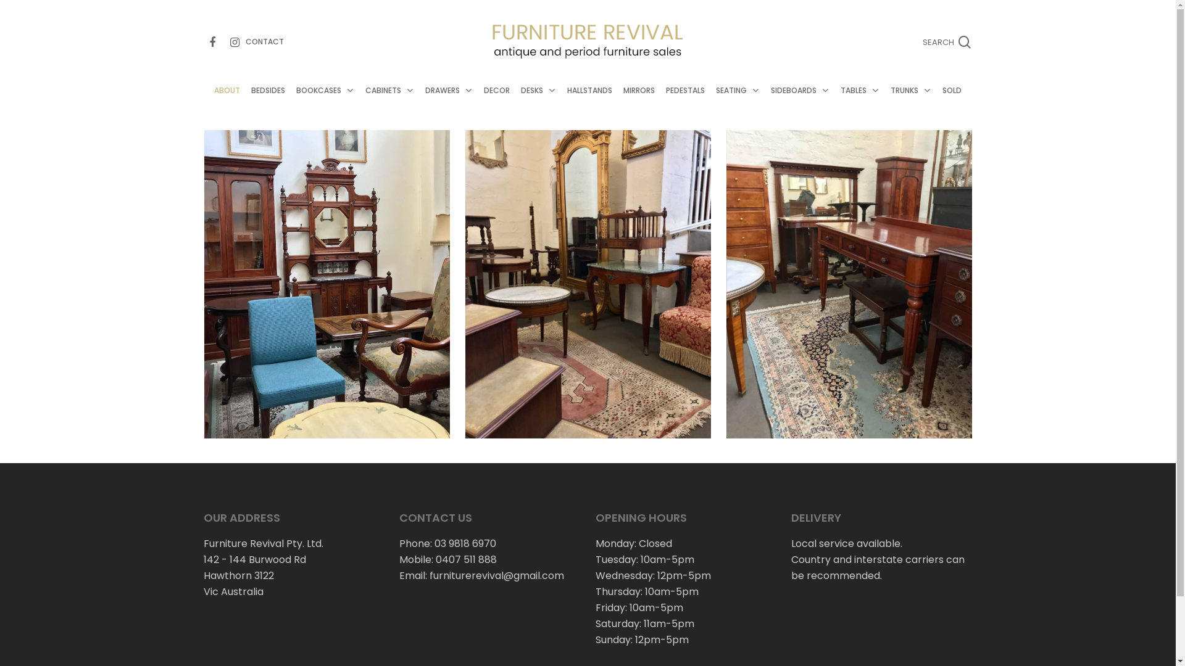 Image resolution: width=1185 pixels, height=666 pixels. What do you see at coordinates (465, 559) in the screenshot?
I see `'0407 511 888'` at bounding box center [465, 559].